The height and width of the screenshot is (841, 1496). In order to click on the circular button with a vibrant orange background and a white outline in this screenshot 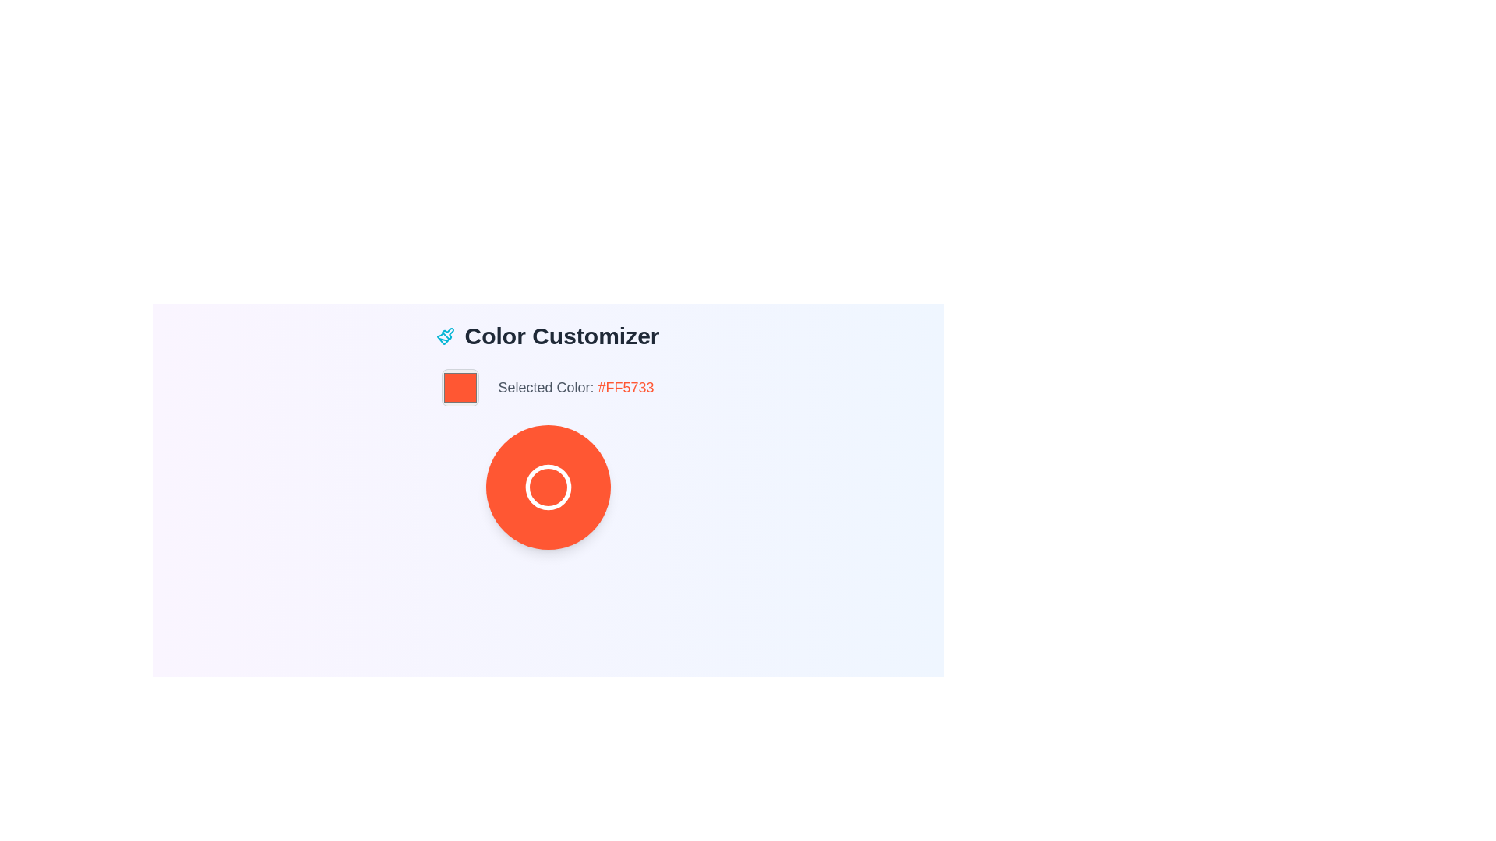, I will do `click(548, 486)`.